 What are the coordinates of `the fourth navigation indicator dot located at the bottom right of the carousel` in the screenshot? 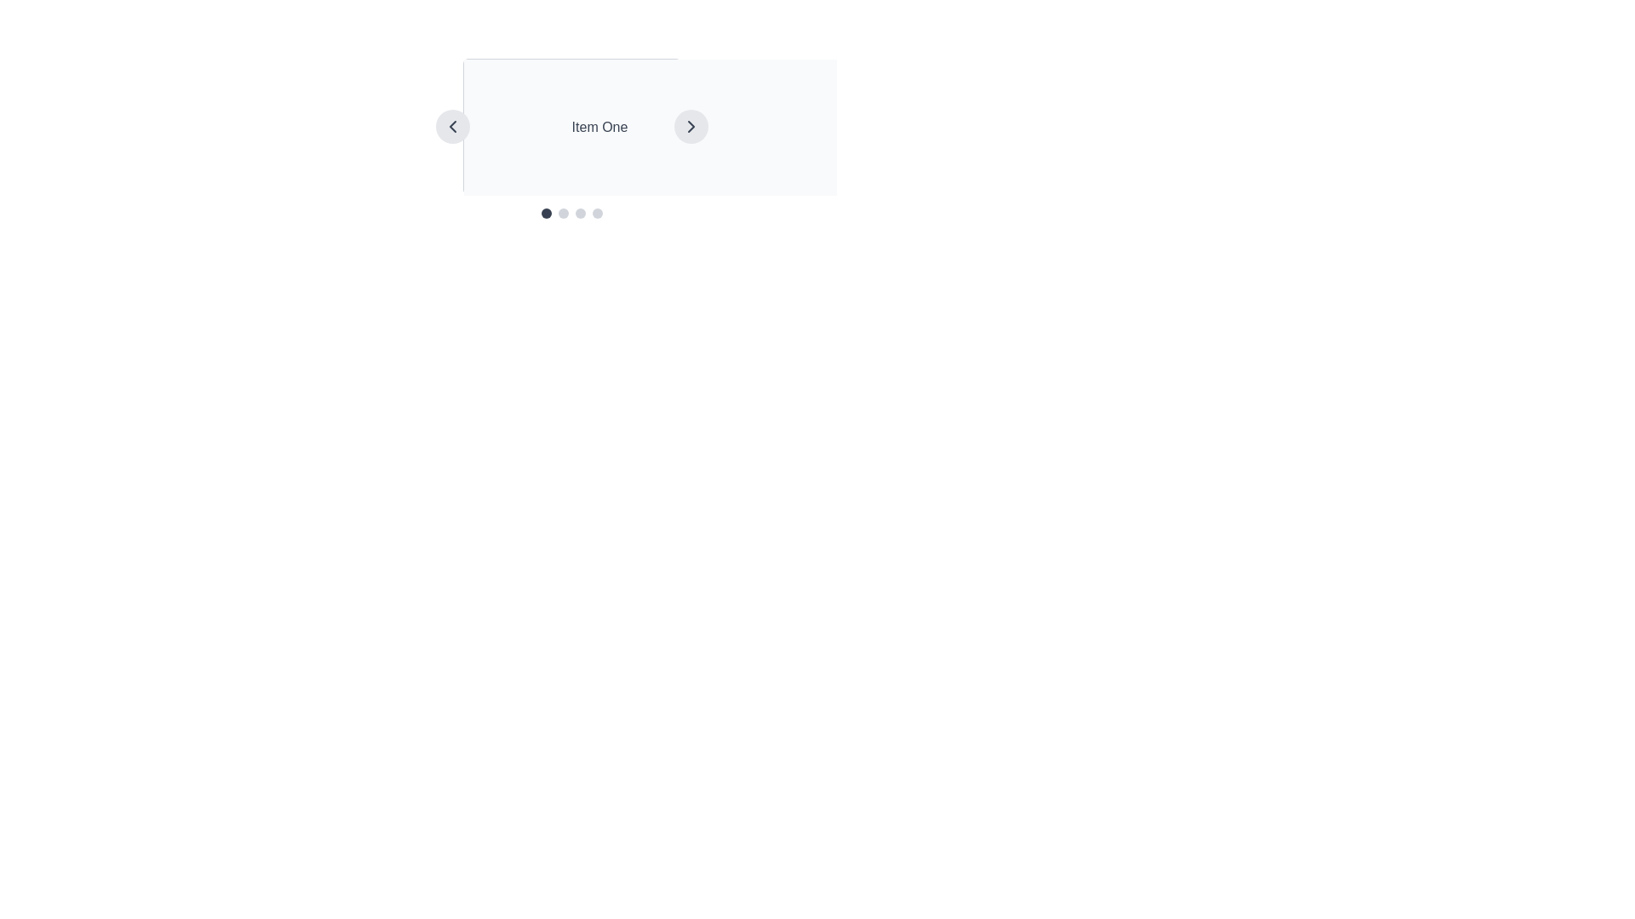 It's located at (597, 212).